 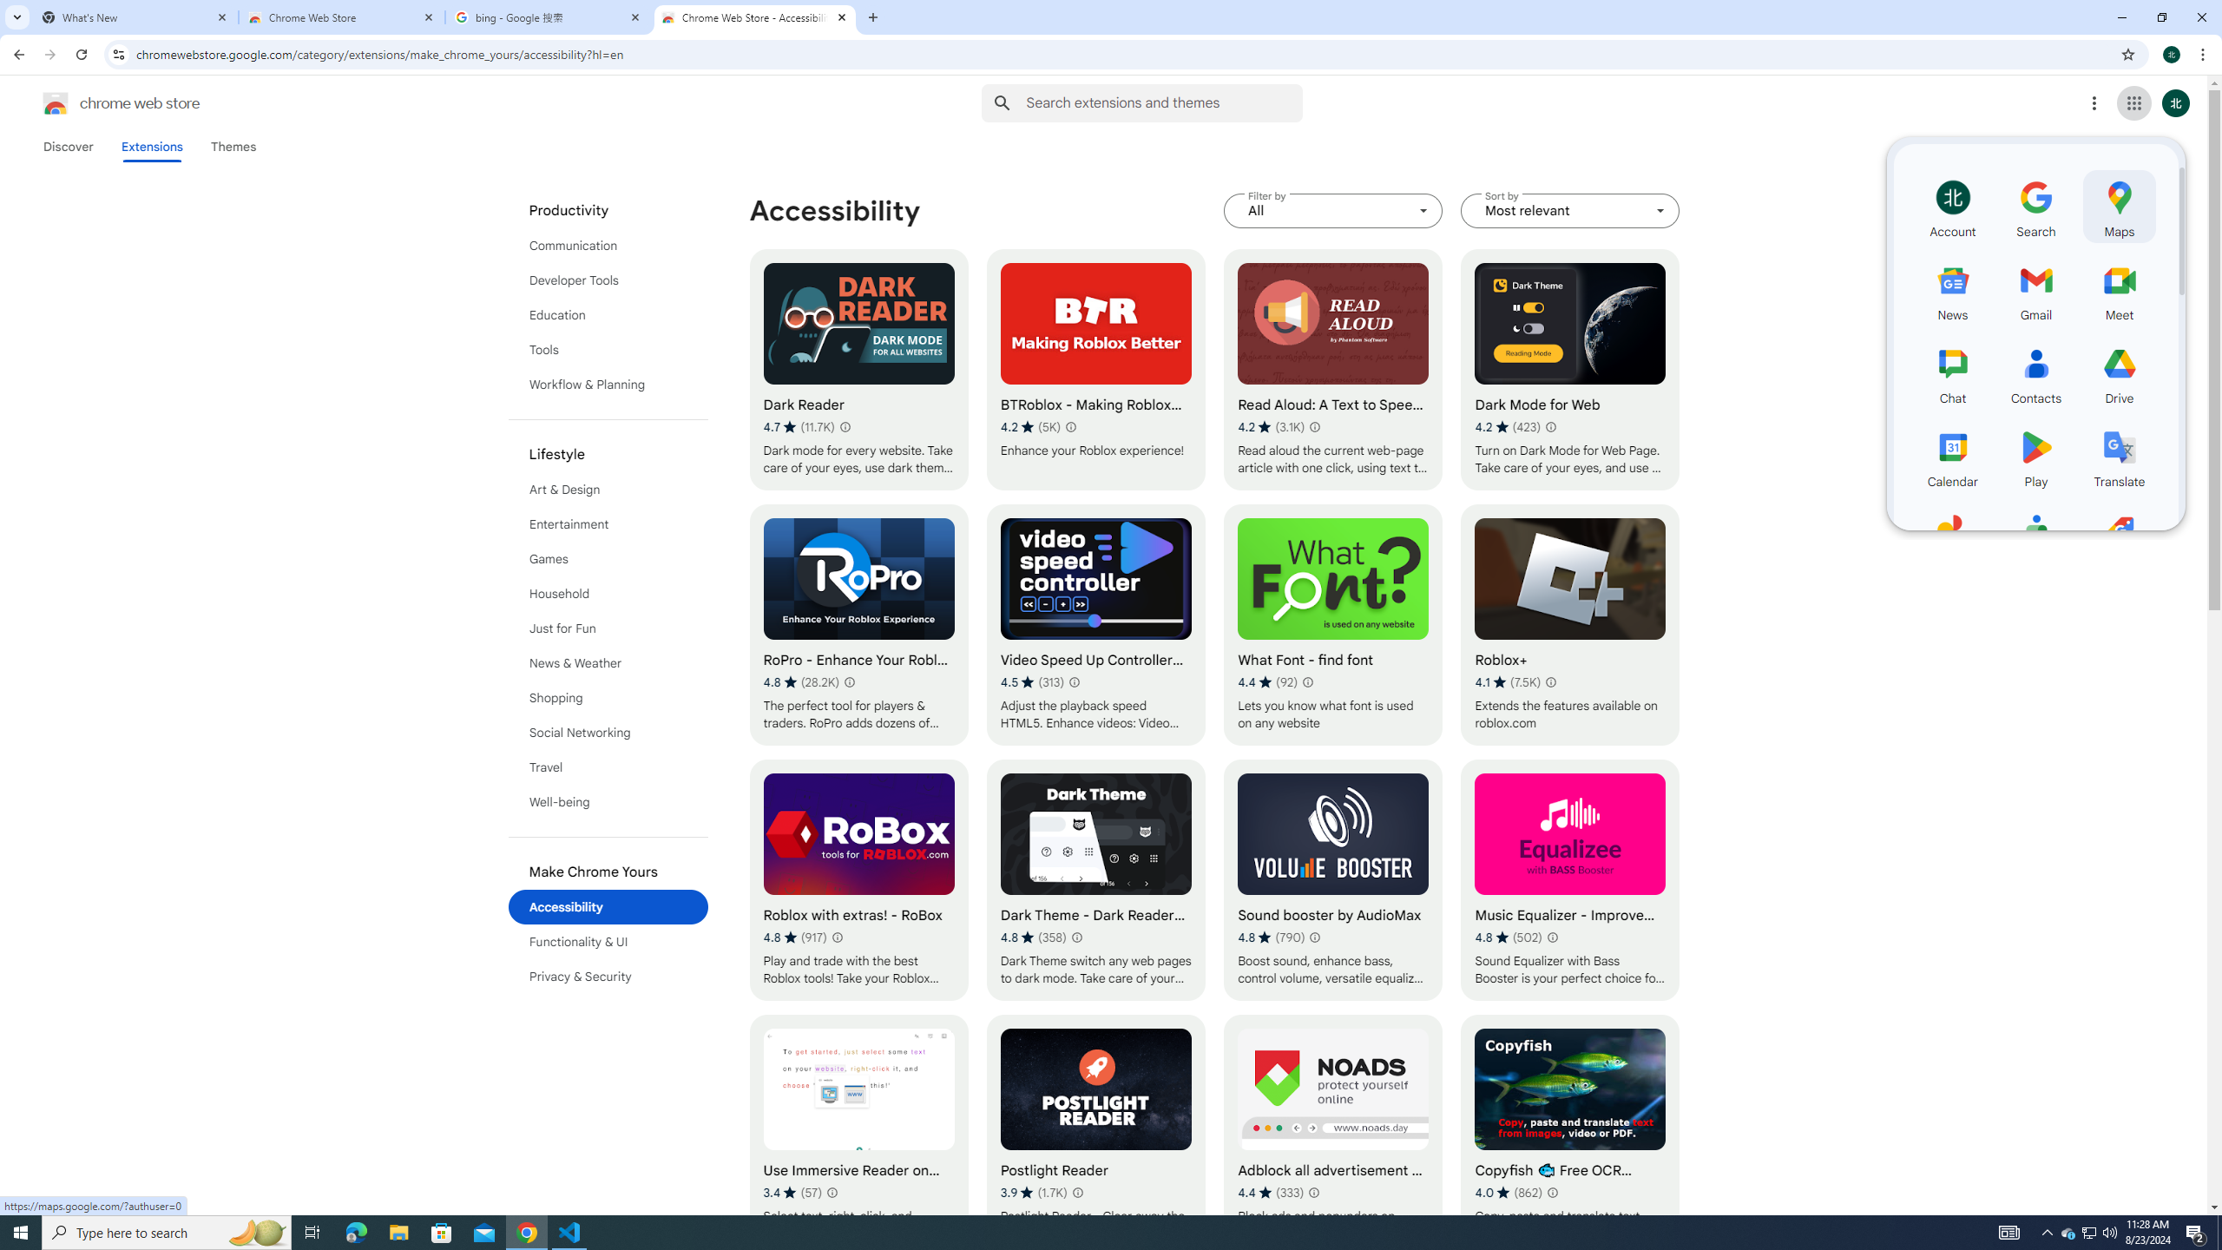 What do you see at coordinates (608, 661) in the screenshot?
I see `'News & Weather'` at bounding box center [608, 661].